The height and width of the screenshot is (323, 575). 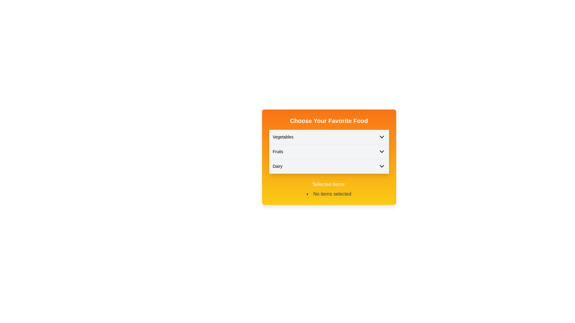 What do you see at coordinates (381, 151) in the screenshot?
I see `the chevron dropdown toggle icon located to the far right of the 'Fruits' label` at bounding box center [381, 151].